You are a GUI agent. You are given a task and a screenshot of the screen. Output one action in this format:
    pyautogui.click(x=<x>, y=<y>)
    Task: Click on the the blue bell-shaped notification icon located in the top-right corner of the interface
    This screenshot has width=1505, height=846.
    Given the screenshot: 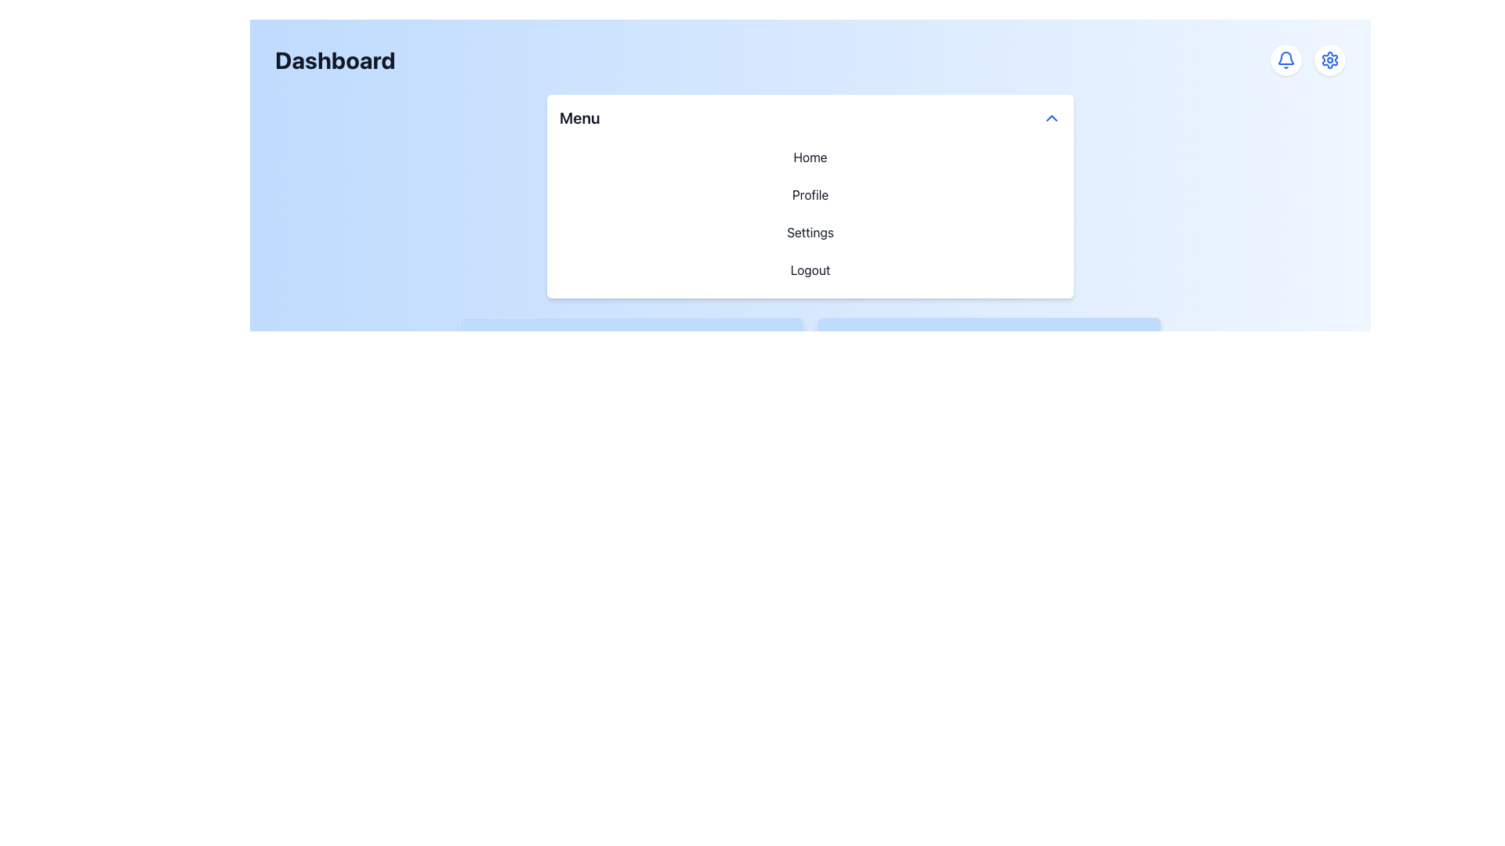 What is the action you would take?
    pyautogui.click(x=1286, y=60)
    